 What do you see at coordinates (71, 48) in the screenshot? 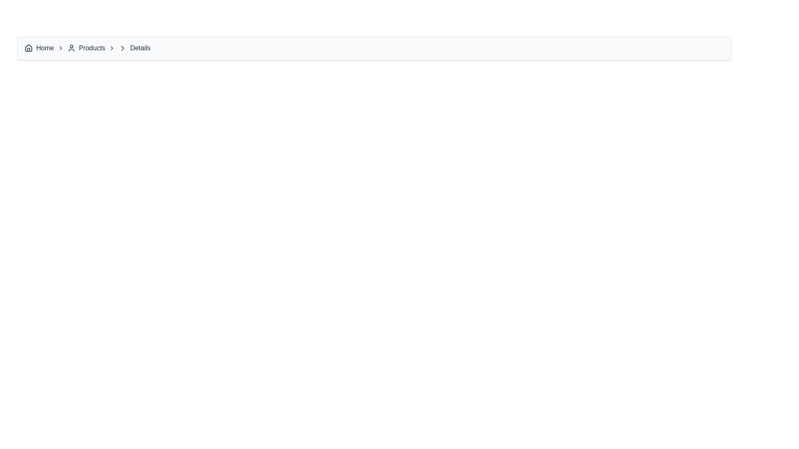
I see `the design of the SVG user icon located to the immediate left of the 'Products' text in the breadcrumb navigation bar` at bounding box center [71, 48].